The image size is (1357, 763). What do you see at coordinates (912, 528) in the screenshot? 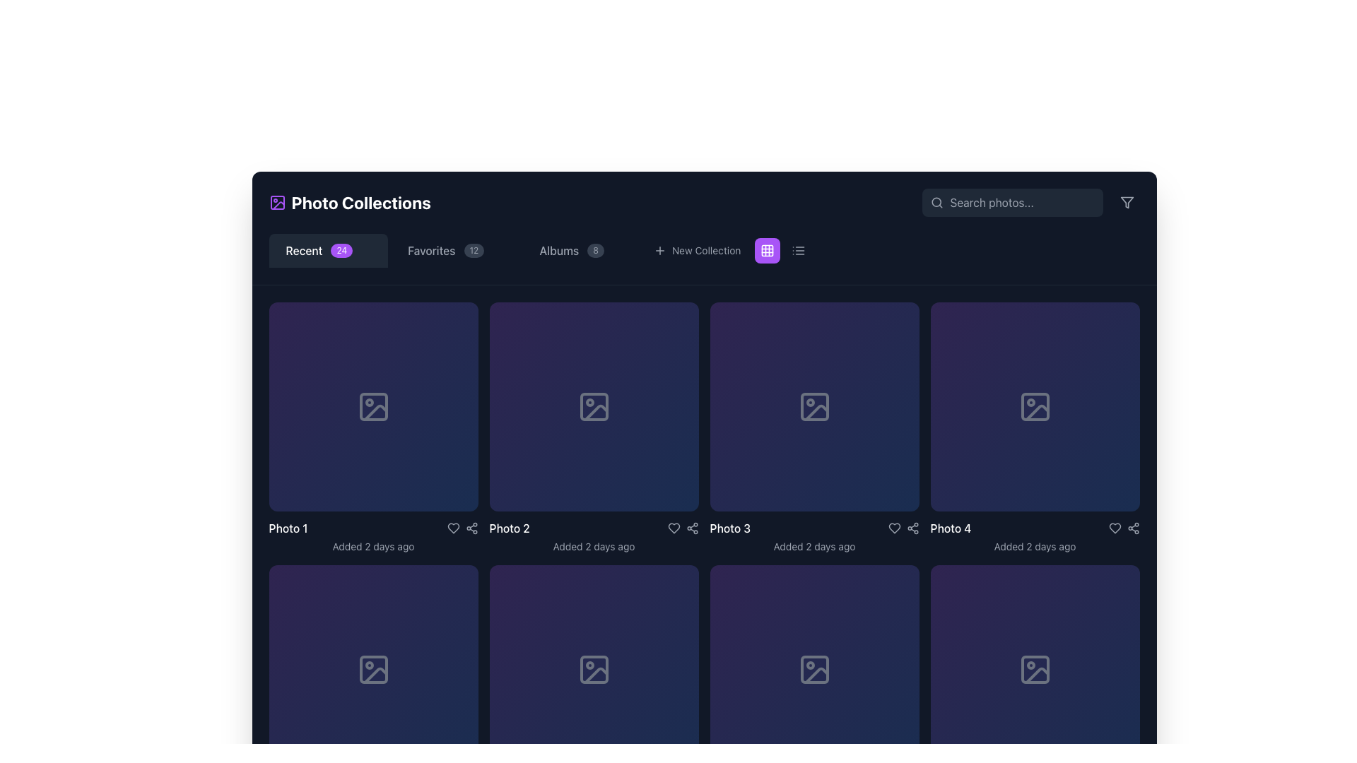
I see `the sharing icon button located in the bottom-right corner of the fourth image card to share the associated photo` at bounding box center [912, 528].